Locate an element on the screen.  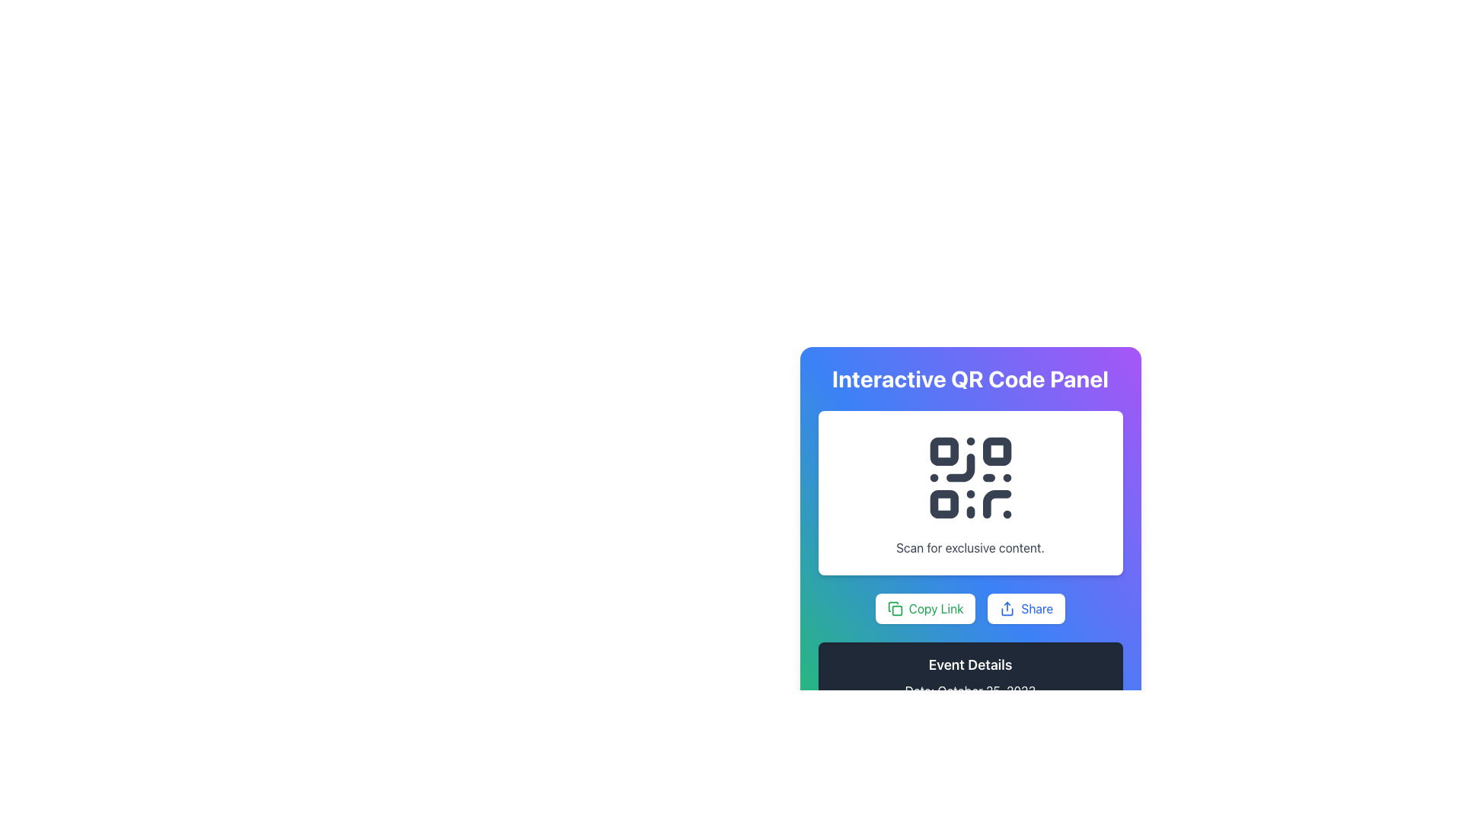
the share button located to the right of the 'Copy Link' button in the 'Interactive QR Code Panel' is located at coordinates (1026, 607).